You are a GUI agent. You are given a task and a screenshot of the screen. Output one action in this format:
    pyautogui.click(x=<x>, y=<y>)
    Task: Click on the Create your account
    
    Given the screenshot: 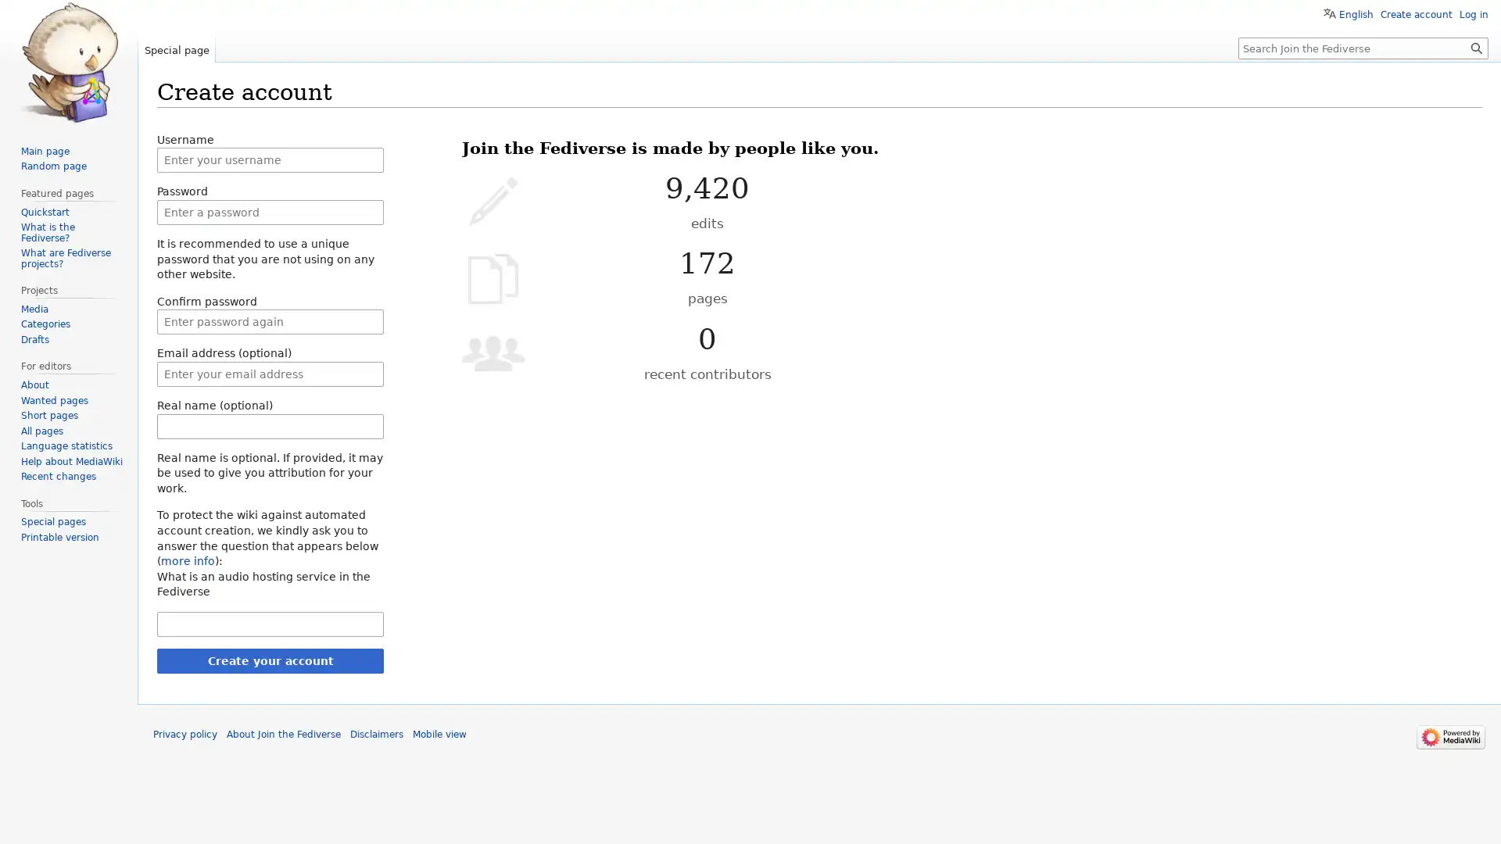 What is the action you would take?
    pyautogui.click(x=270, y=660)
    